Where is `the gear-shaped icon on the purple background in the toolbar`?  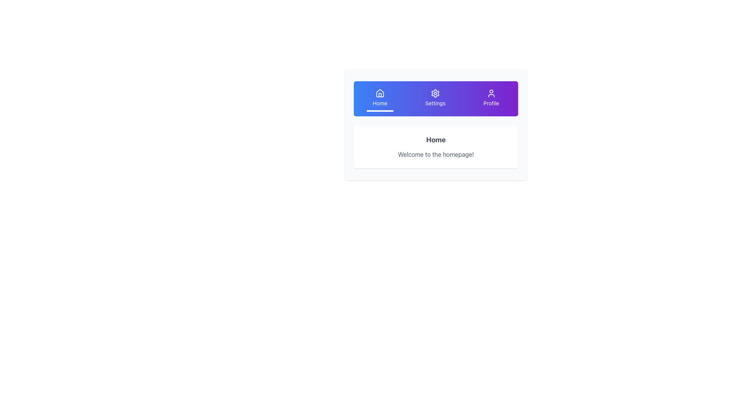 the gear-shaped icon on the purple background in the toolbar is located at coordinates (435, 93).